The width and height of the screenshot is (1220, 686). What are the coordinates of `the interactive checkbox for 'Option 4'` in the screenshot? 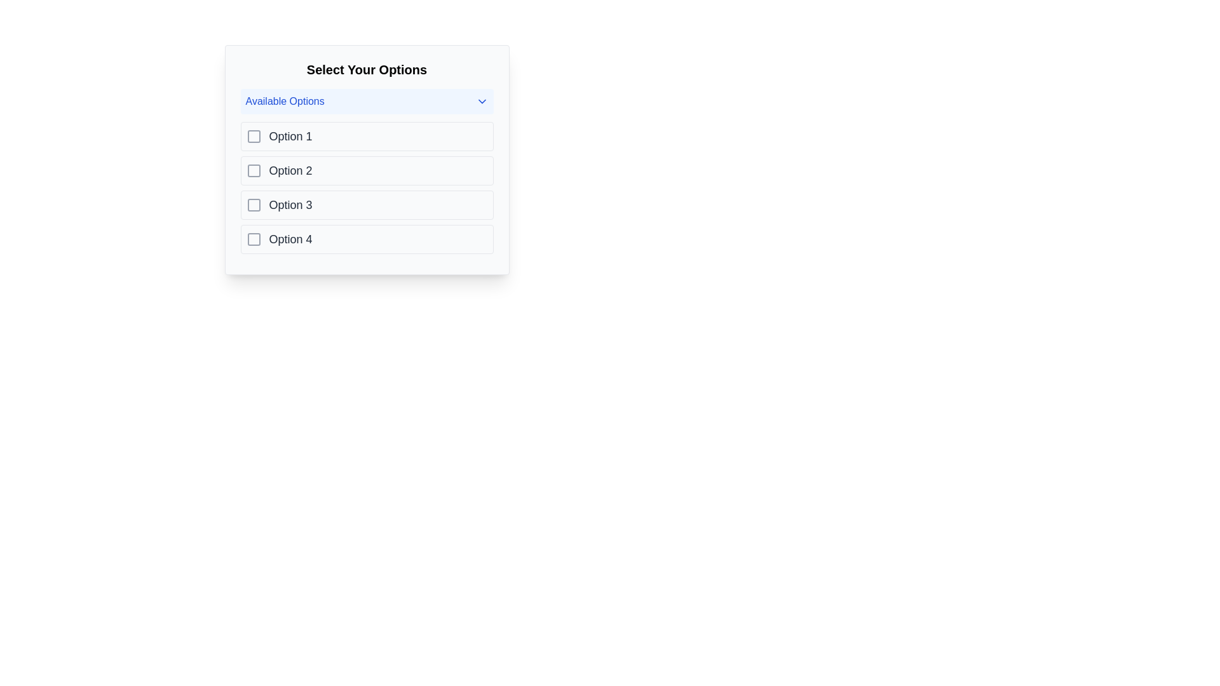 It's located at (254, 239).